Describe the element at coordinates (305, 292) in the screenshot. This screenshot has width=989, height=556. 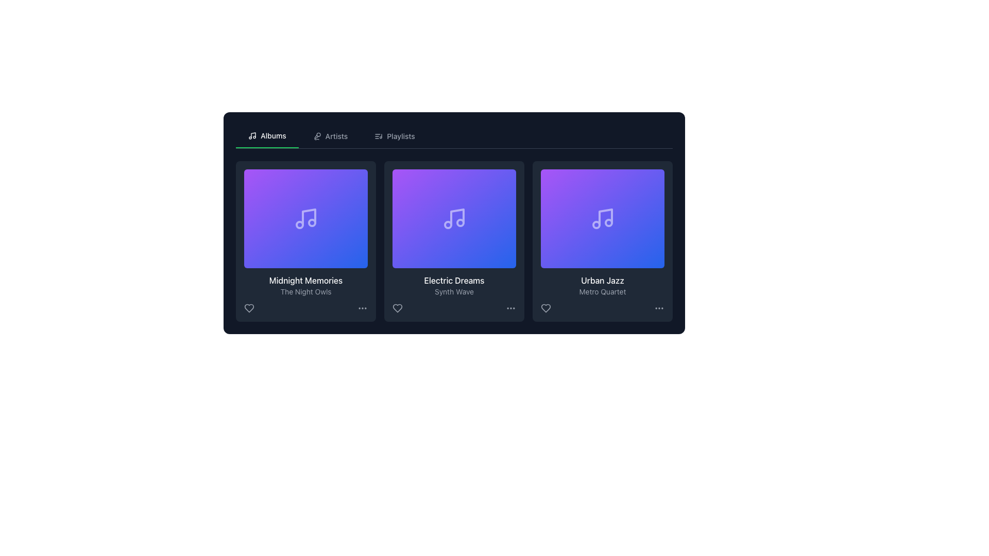
I see `the displayed text of the subtitle located beneath 'Midnight Memories' in the leftmost rectangular card` at that location.